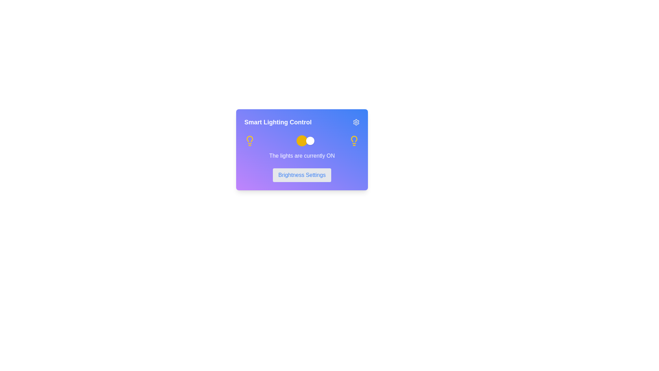  I want to click on the 'Brightness Settings' button, a rectangular button with blue text on a light grey background, located at the bottom of a card interface, so click(302, 175).